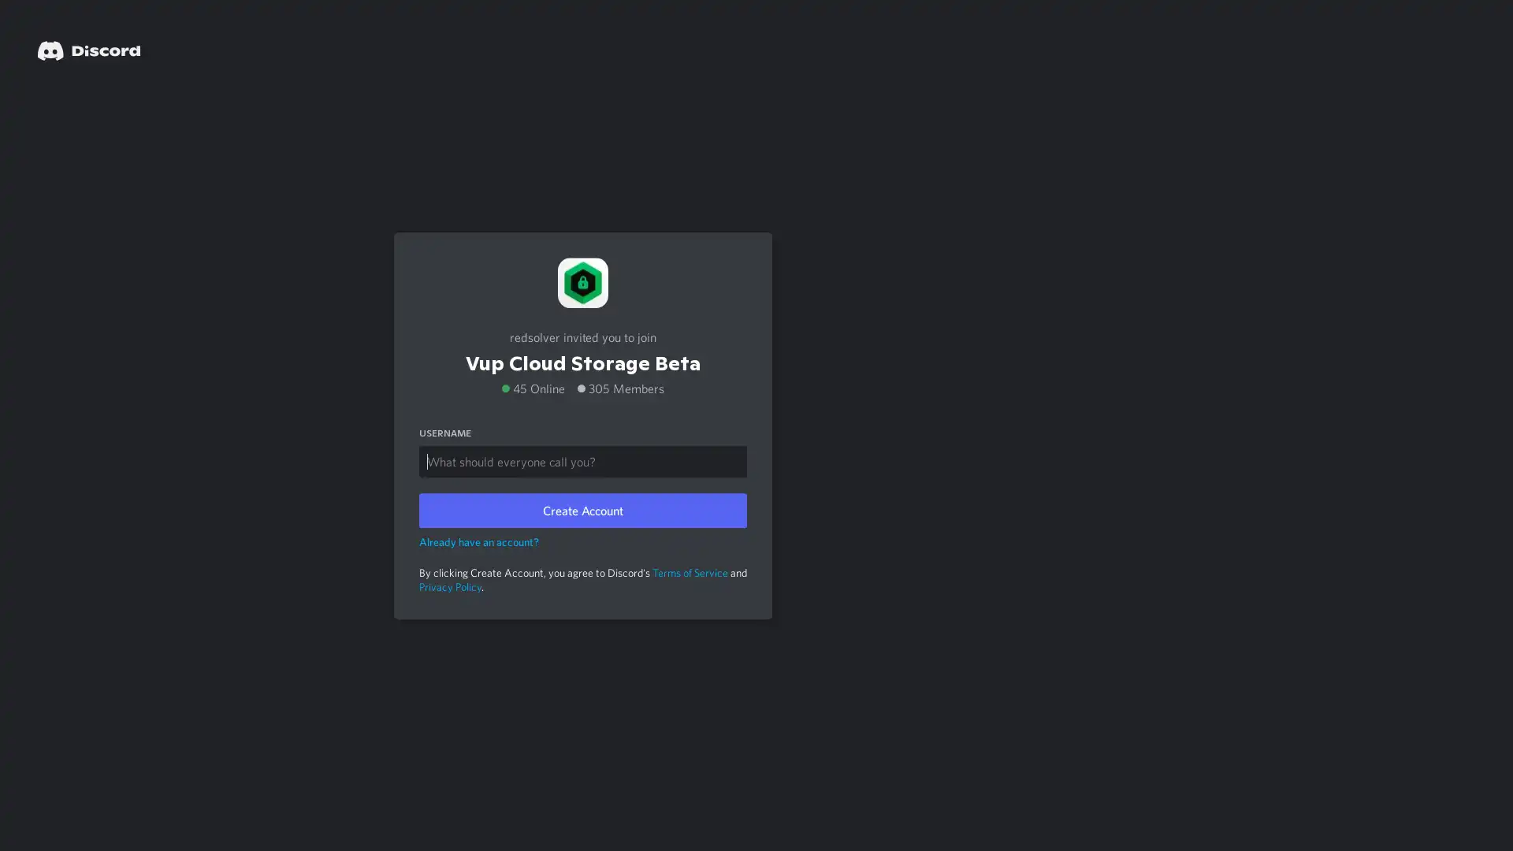  I want to click on Create Account, so click(582, 510).